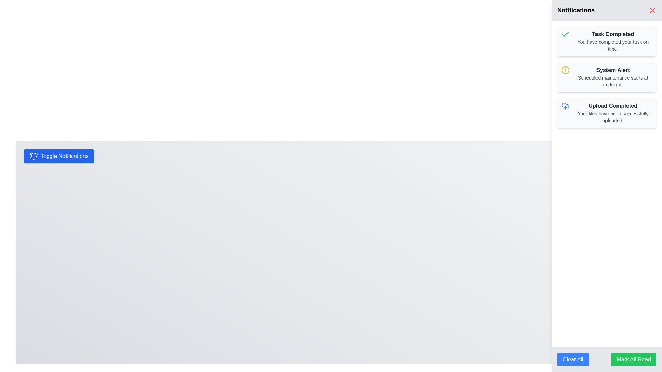  What do you see at coordinates (33, 155) in the screenshot?
I see `the bell icon that symbolizes notifications, located to the left of the 'Toggle Notifications' text in the blue button at the top-left corner` at bounding box center [33, 155].